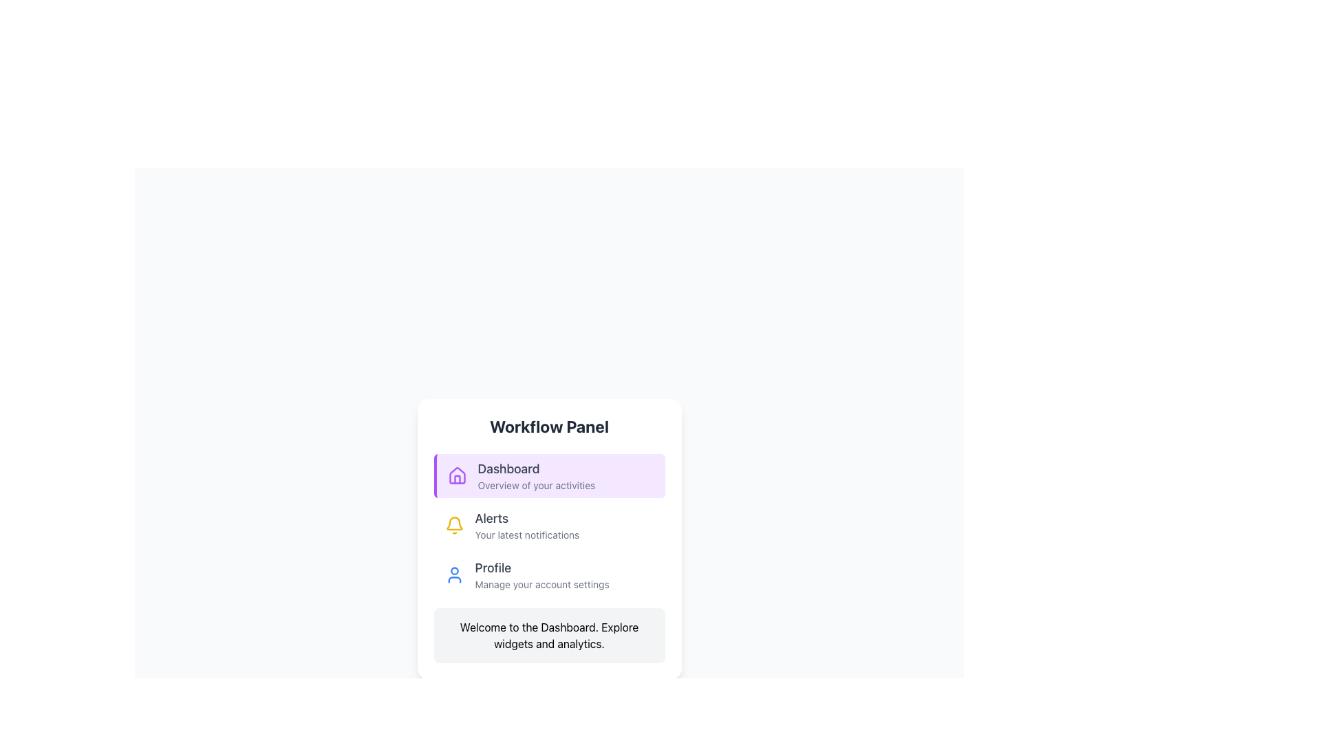 This screenshot has width=1321, height=743. Describe the element at coordinates (535, 475) in the screenshot. I see `the 'Dashboard' Text Label located in the 'Workflow Panel', second from the top` at that location.